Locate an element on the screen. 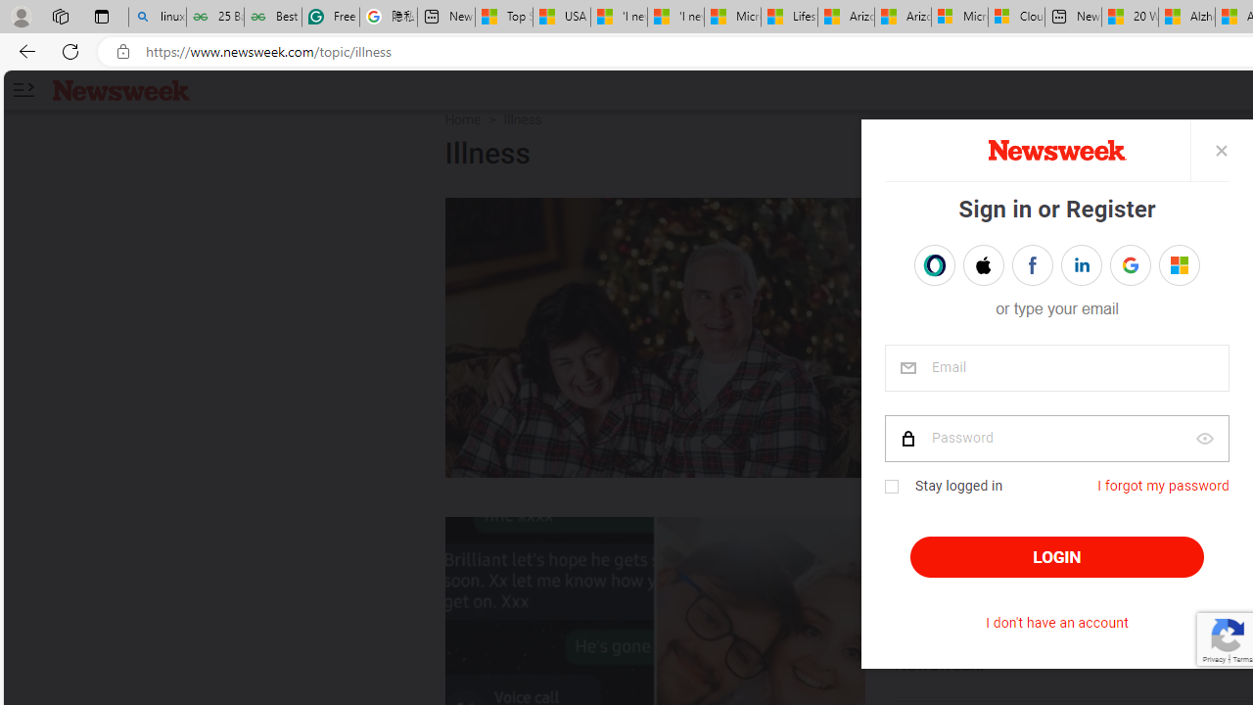 This screenshot has width=1253, height=705. 'linux basic - Search' is located at coordinates (157, 17).